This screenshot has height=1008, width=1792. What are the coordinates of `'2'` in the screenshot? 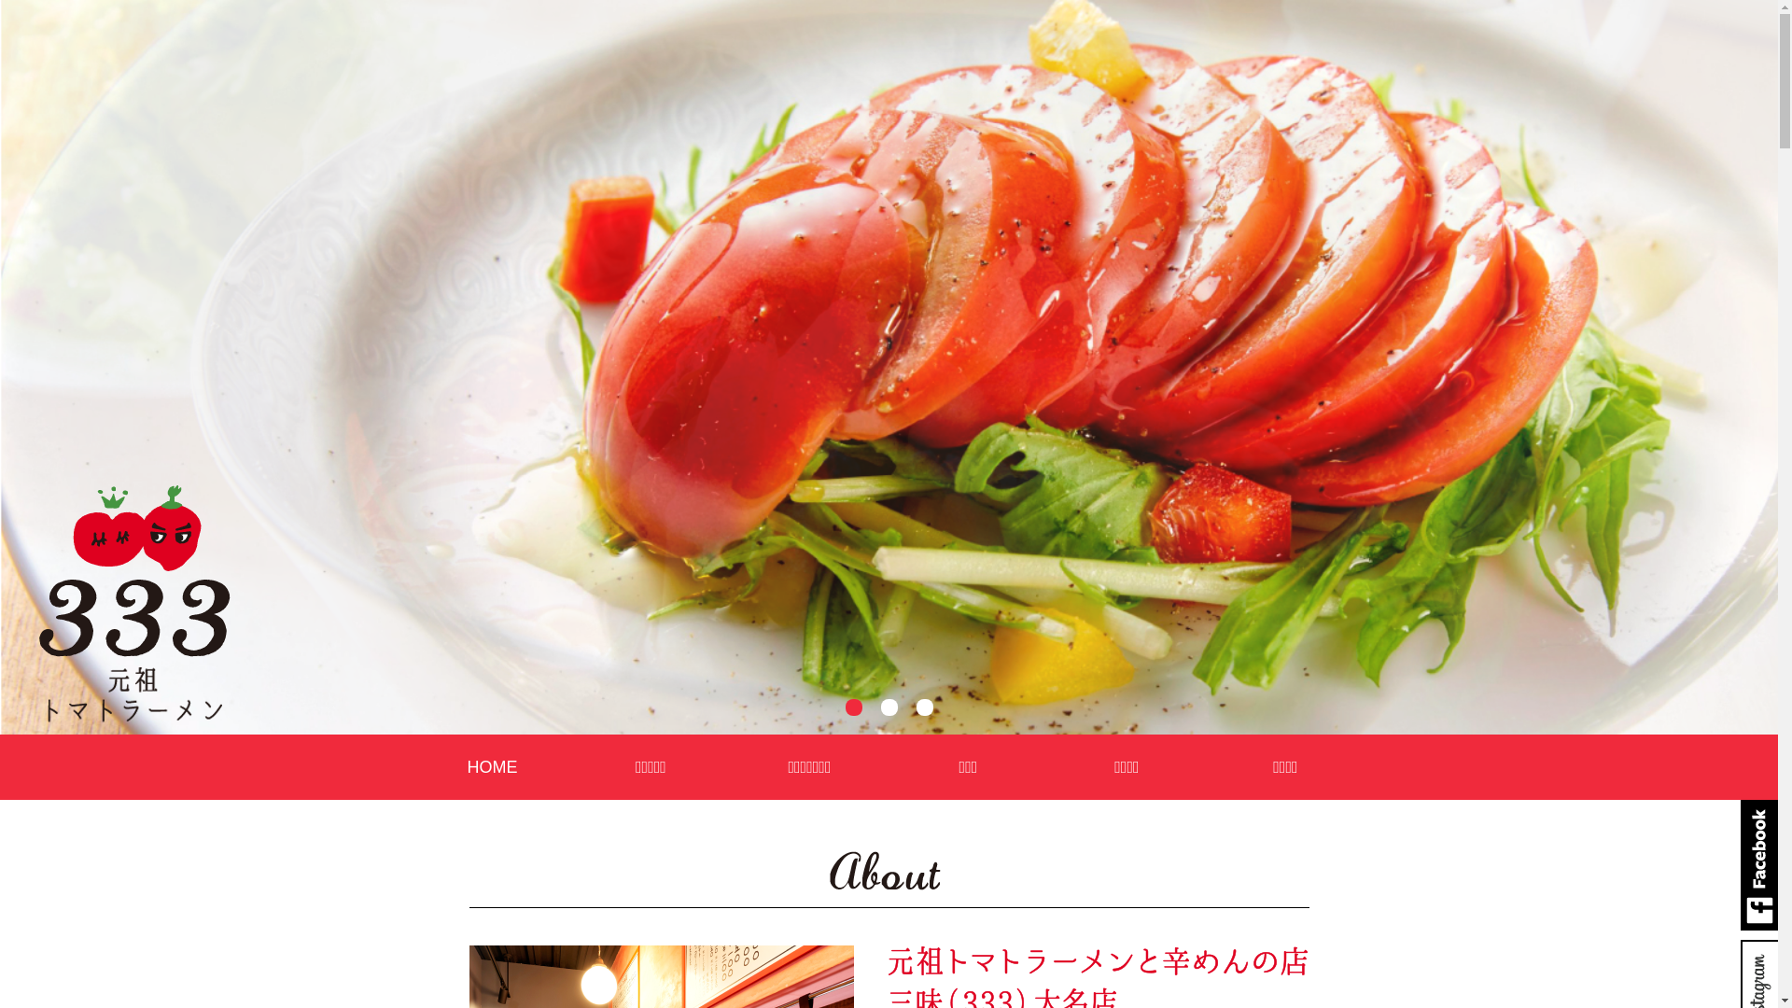 It's located at (889, 707).